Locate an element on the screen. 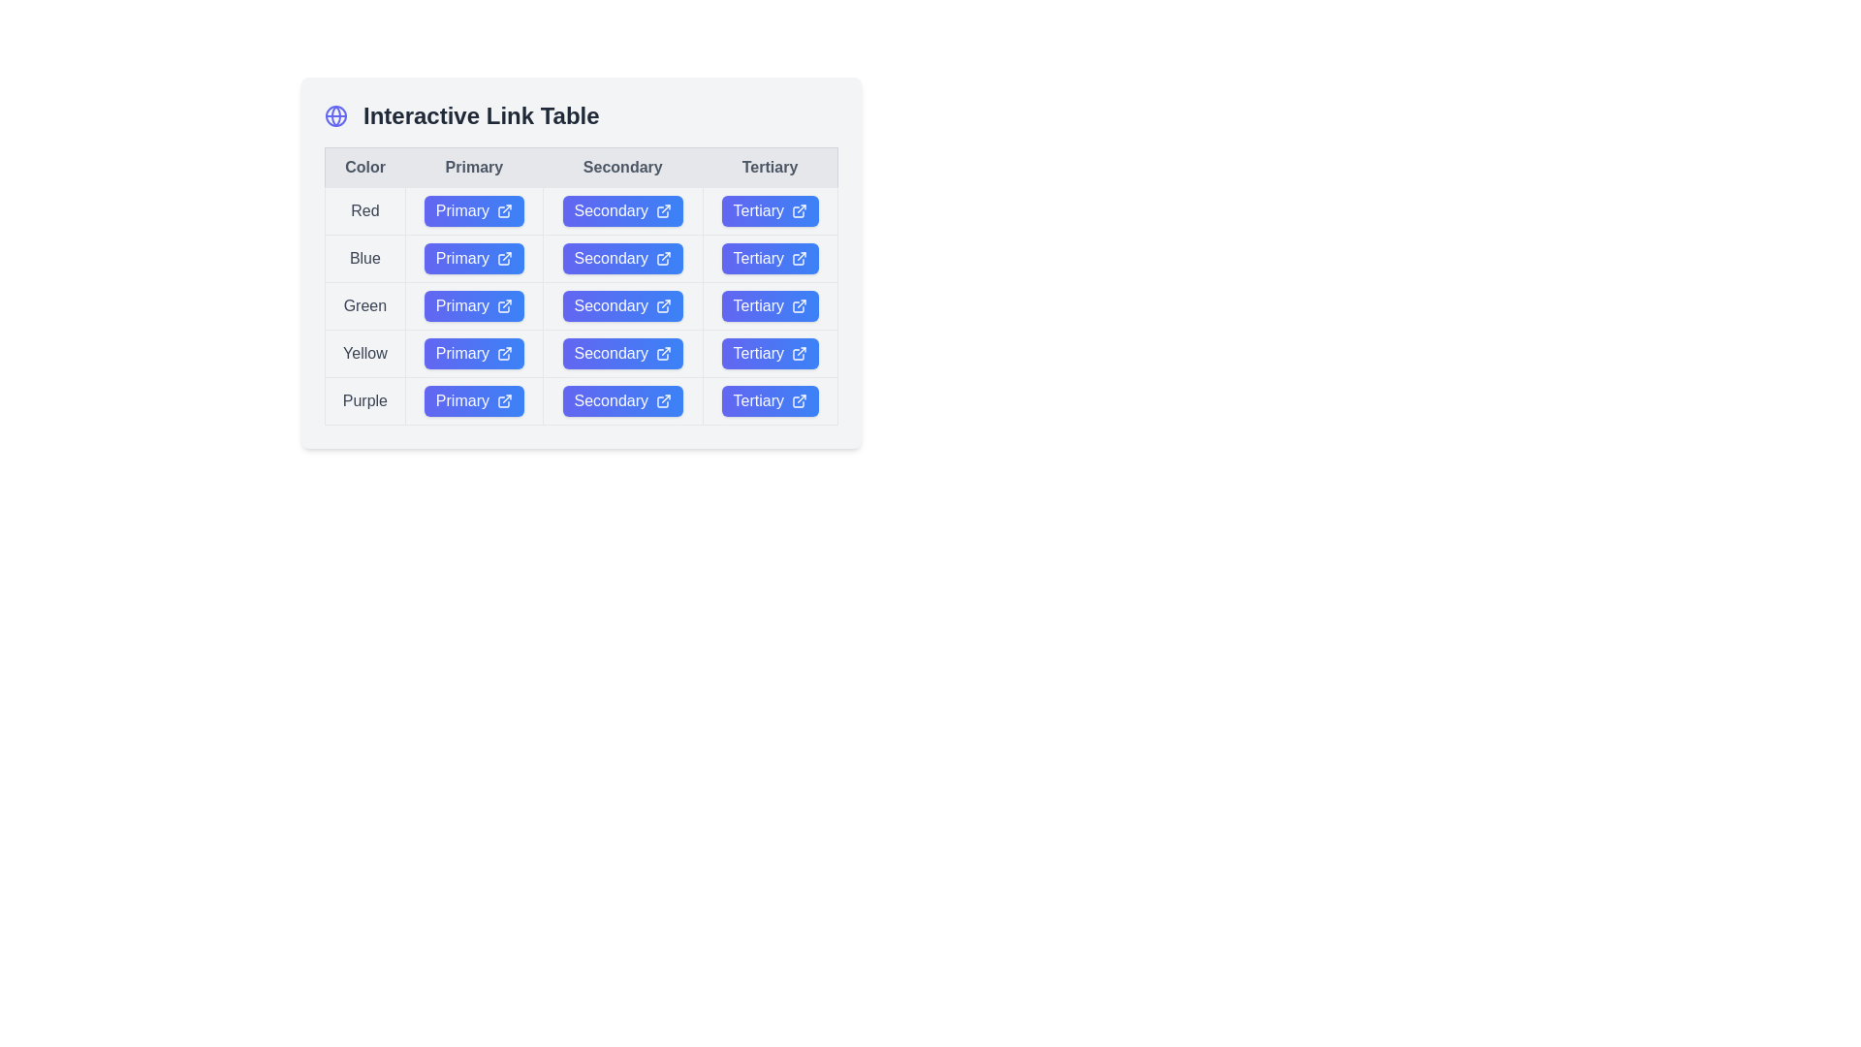  the external linking icon located within the 'Primary' button in the Yellow row under the 'Primary' column in the table is located at coordinates (504, 354).